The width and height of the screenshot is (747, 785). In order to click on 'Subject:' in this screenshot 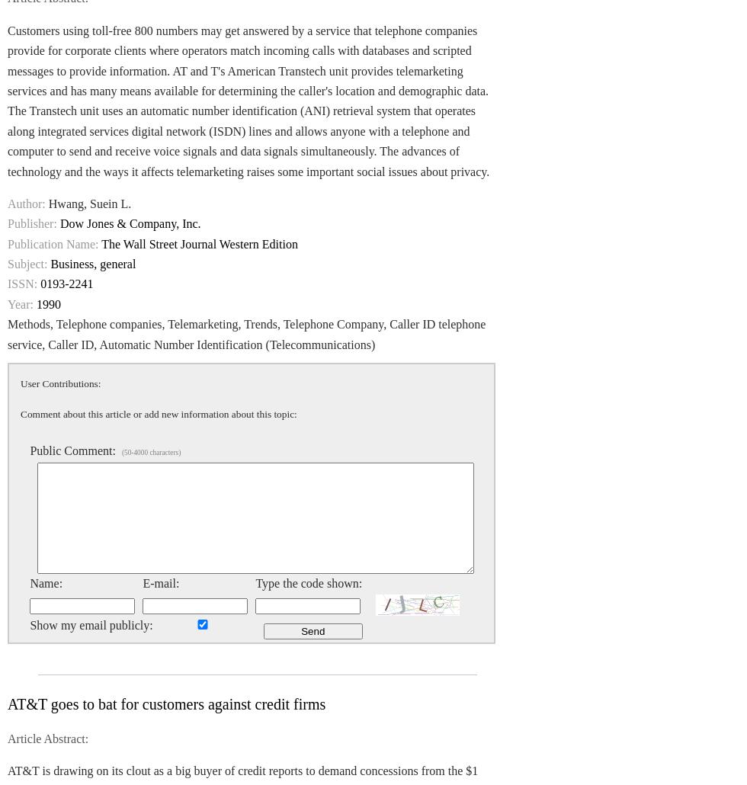, I will do `click(27, 264)`.